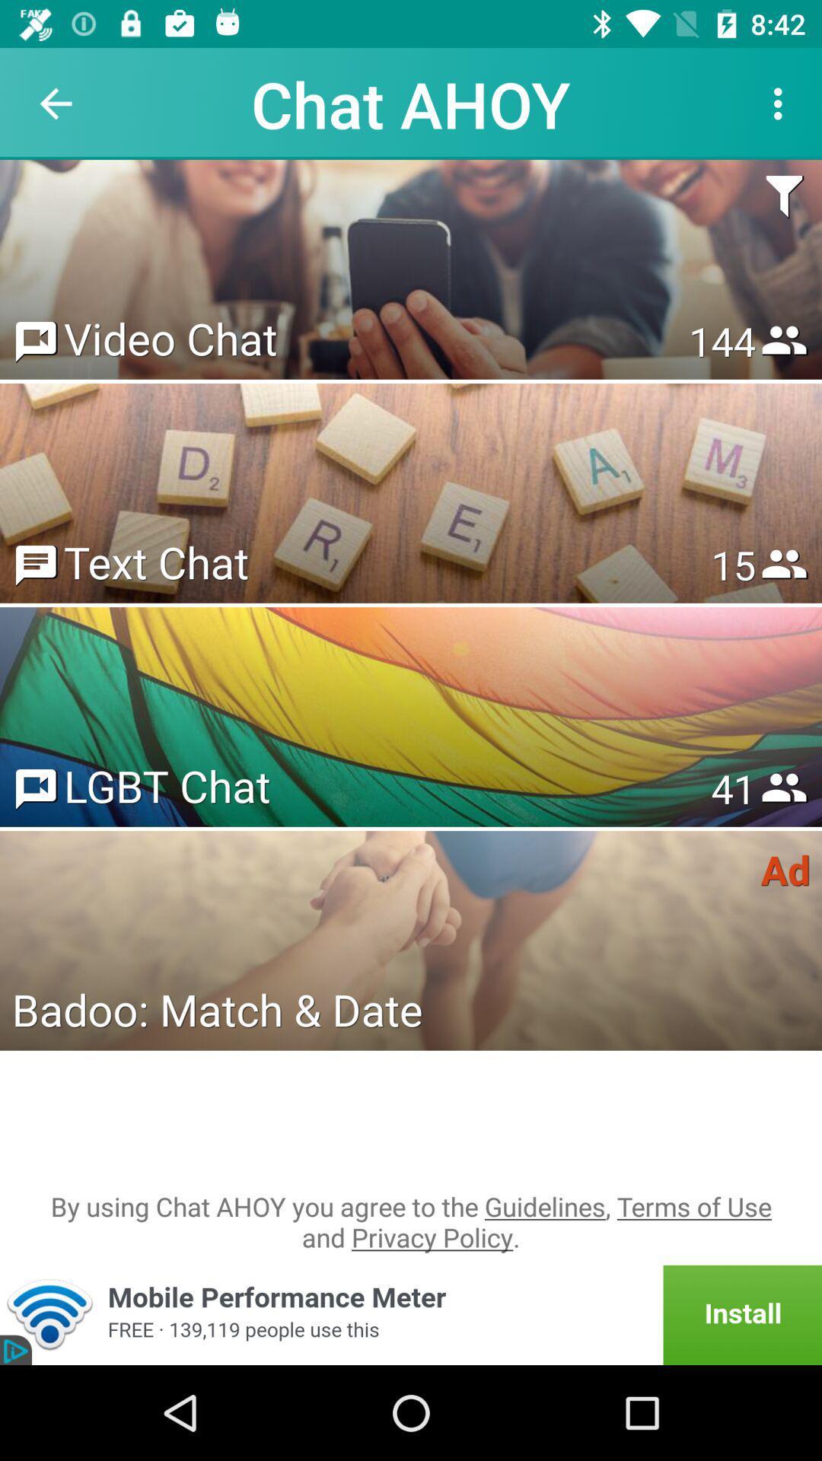  What do you see at coordinates (732, 788) in the screenshot?
I see `the item next to the lgbt chat` at bounding box center [732, 788].